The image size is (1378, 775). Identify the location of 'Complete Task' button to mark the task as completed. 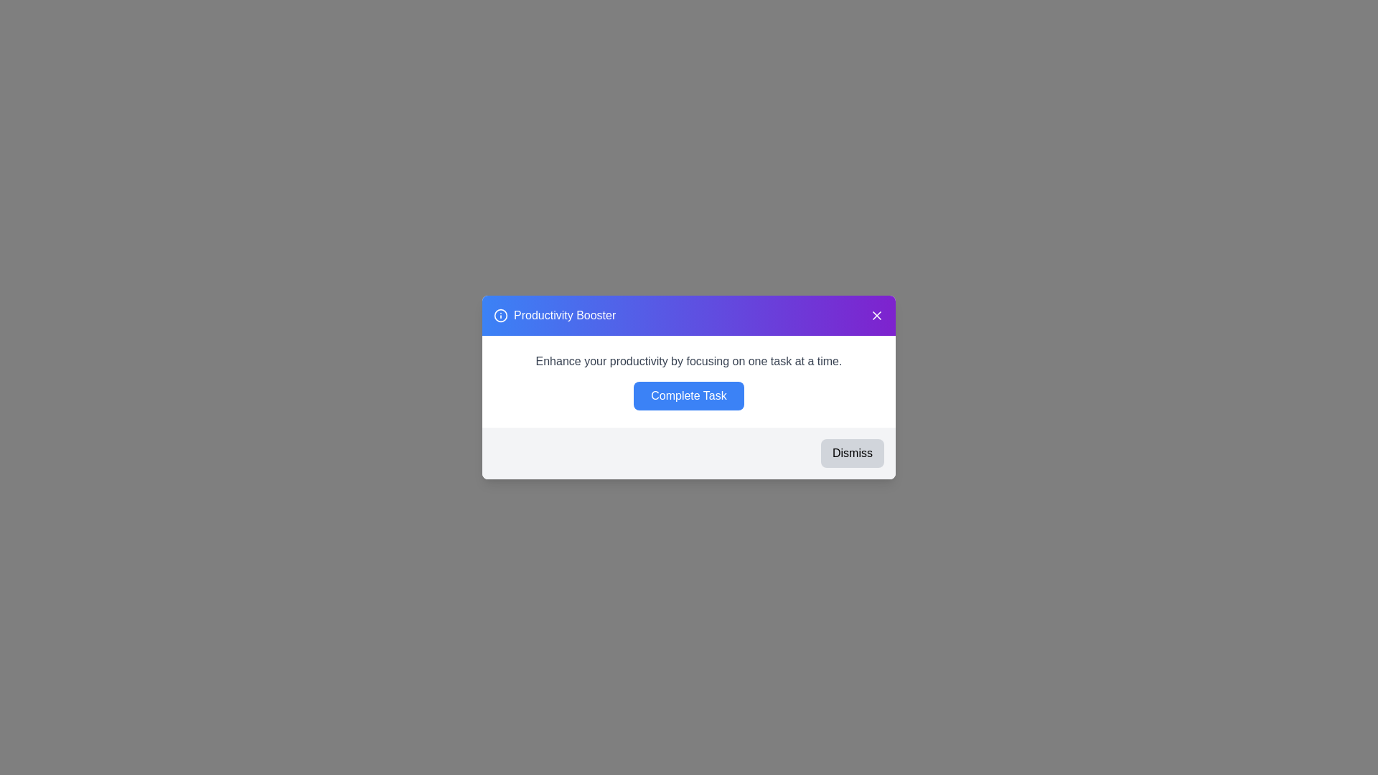
(689, 395).